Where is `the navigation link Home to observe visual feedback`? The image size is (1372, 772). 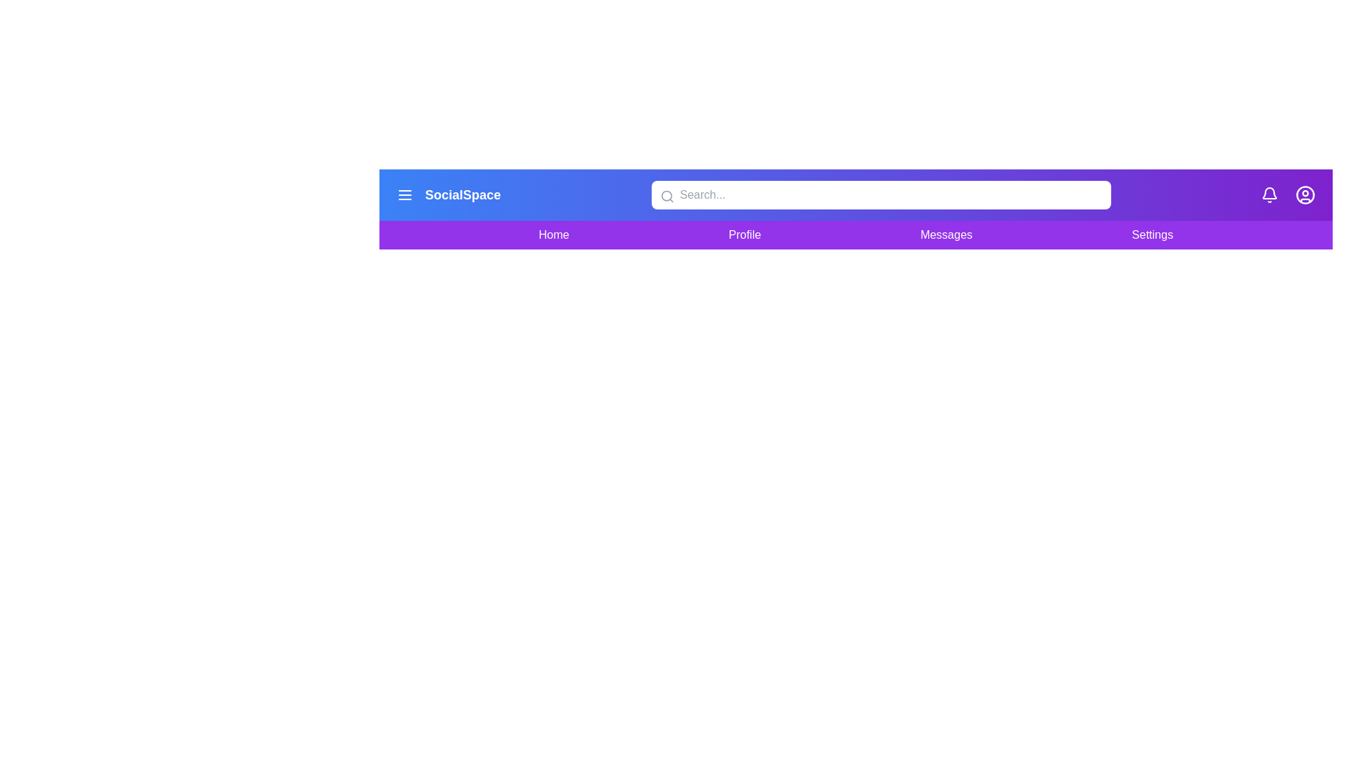 the navigation link Home to observe visual feedback is located at coordinates (553, 234).